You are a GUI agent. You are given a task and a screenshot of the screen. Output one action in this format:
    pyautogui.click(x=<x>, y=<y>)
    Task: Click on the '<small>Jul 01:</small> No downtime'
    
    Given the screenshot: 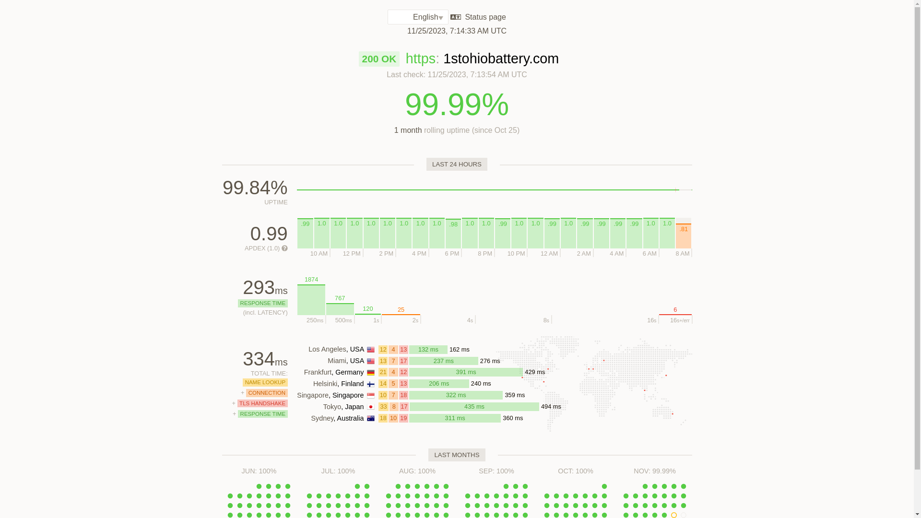 What is the action you would take?
    pyautogui.click(x=356, y=486)
    